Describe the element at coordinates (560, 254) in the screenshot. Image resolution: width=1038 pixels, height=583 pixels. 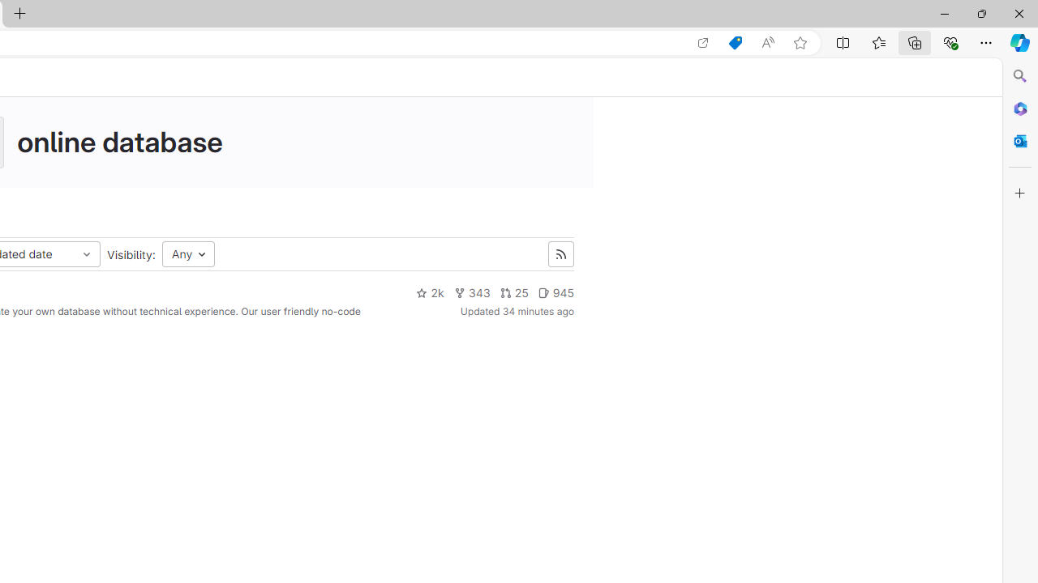
I see `'Subscribe to the new projects feed'` at that location.